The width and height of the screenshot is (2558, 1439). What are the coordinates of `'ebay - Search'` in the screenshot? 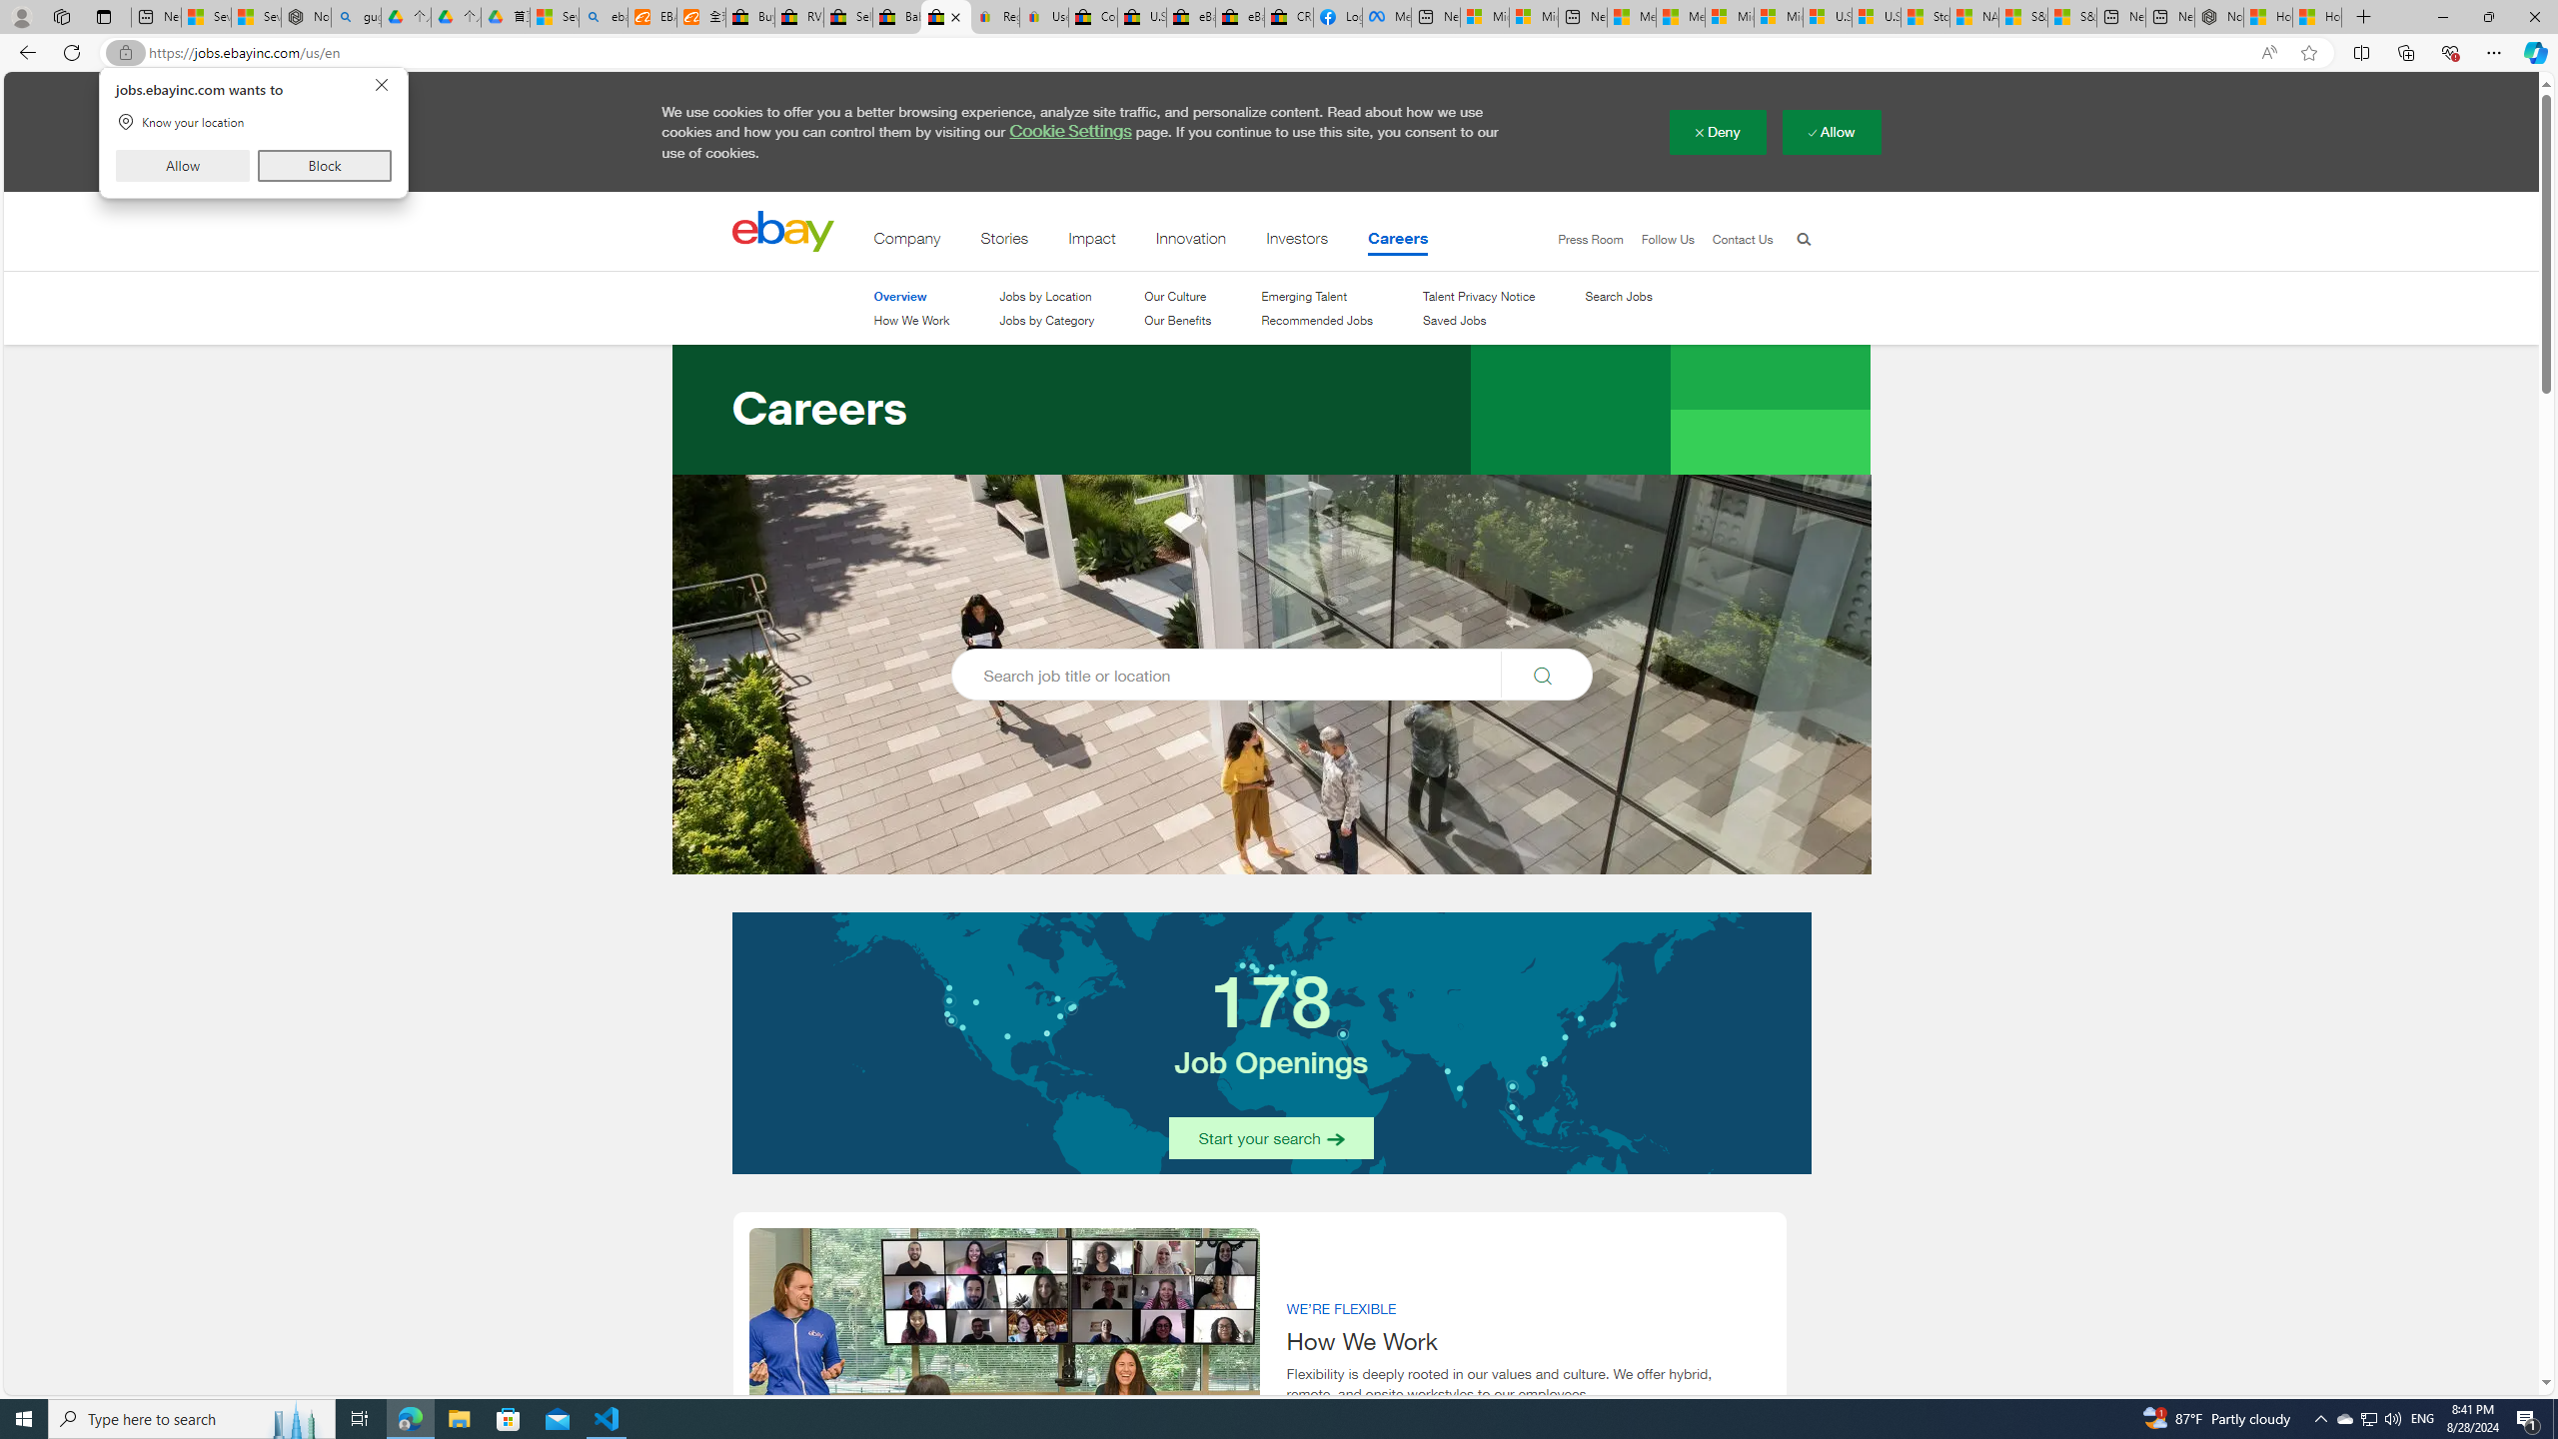 It's located at (603, 16).